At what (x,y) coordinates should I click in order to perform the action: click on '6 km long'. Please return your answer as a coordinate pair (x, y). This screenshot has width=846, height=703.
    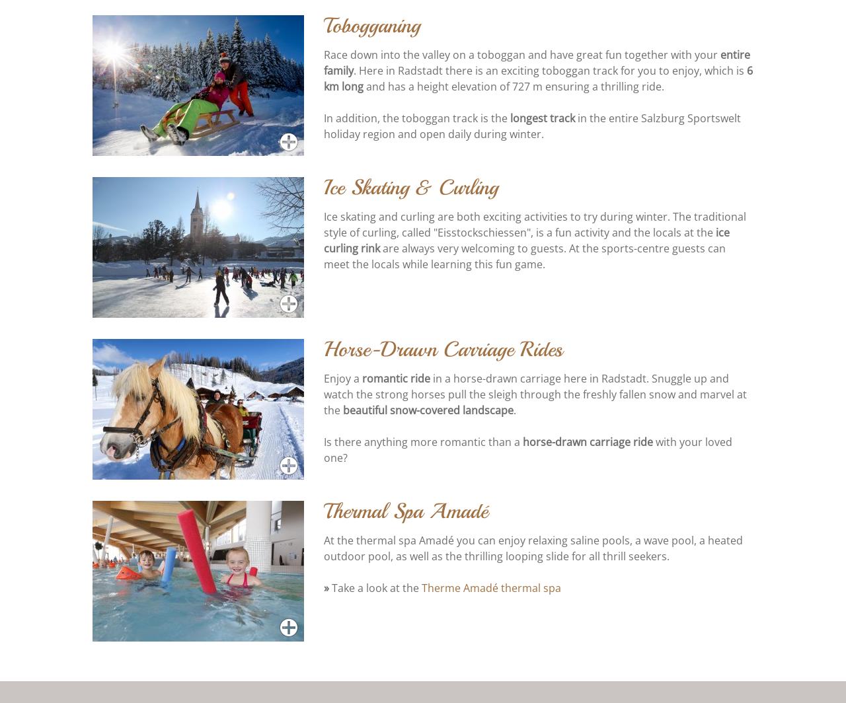
    Looking at the image, I should click on (323, 79).